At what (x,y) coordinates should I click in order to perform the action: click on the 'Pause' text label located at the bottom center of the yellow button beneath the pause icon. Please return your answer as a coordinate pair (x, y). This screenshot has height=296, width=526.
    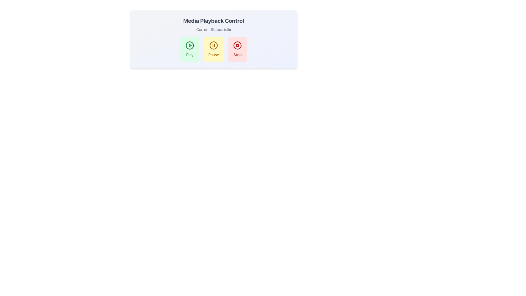
    Looking at the image, I should click on (213, 55).